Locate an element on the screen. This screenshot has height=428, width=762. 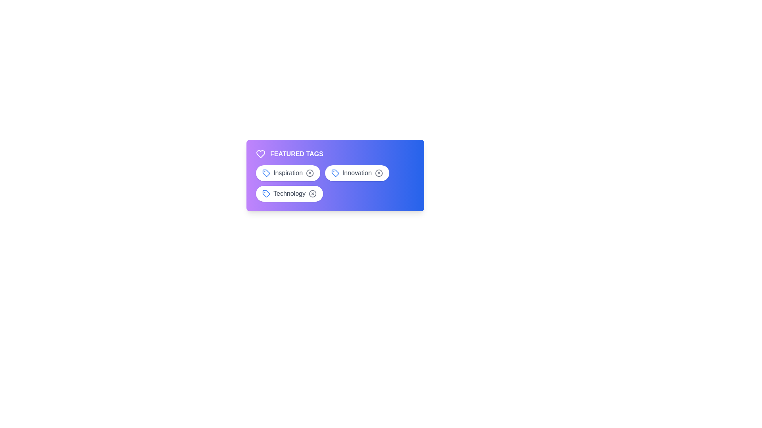
the heart-shaped icon is located at coordinates (261, 154).